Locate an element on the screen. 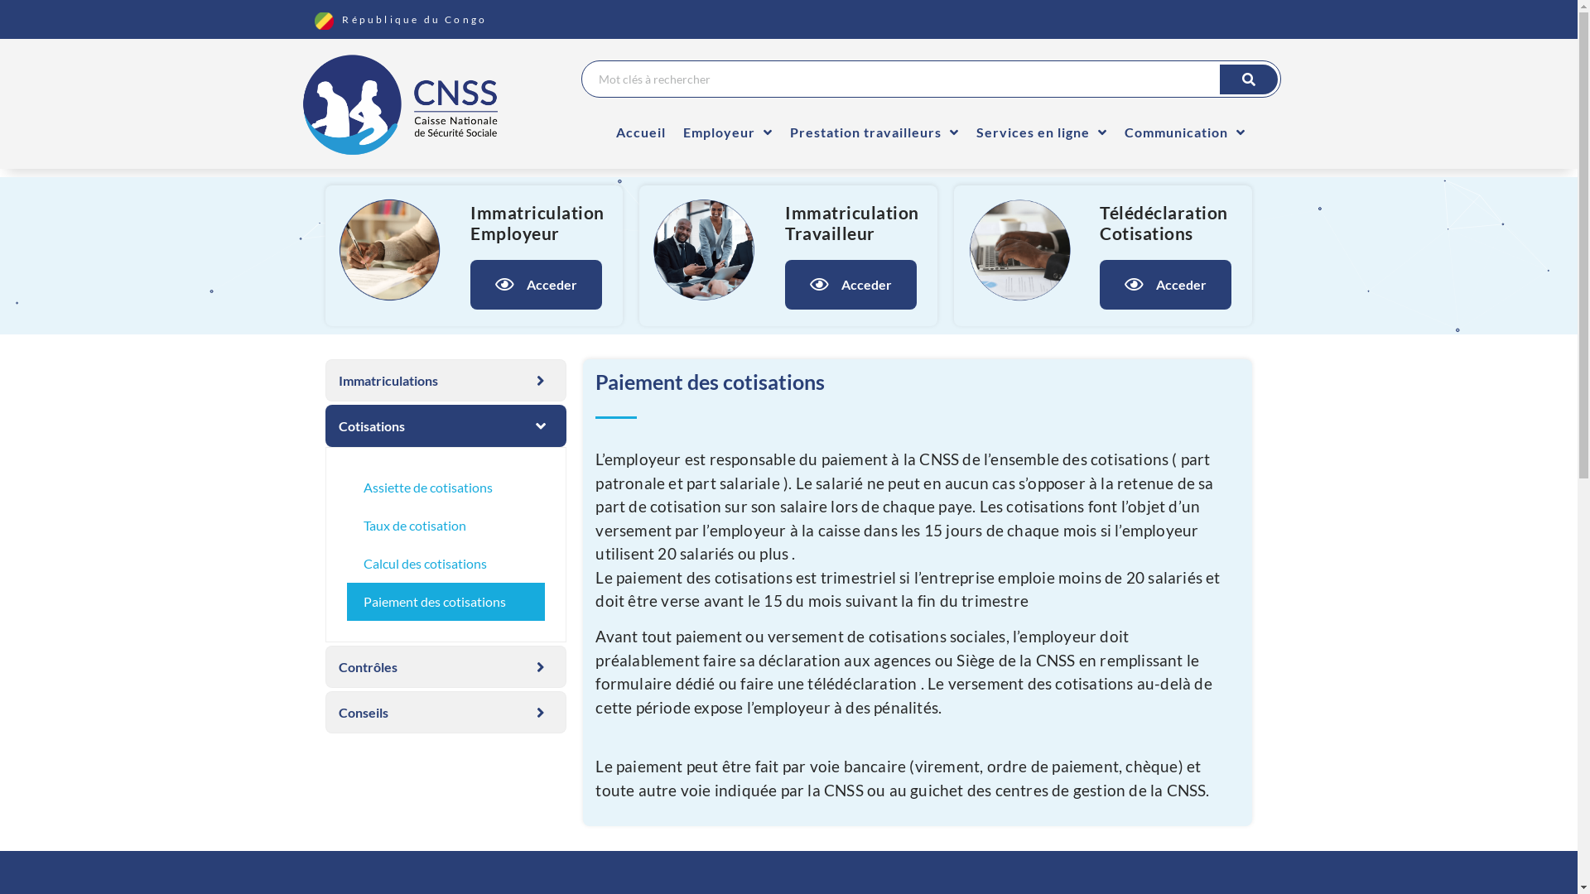 The height and width of the screenshot is (894, 1590). 'Accueil' is located at coordinates (639, 131).